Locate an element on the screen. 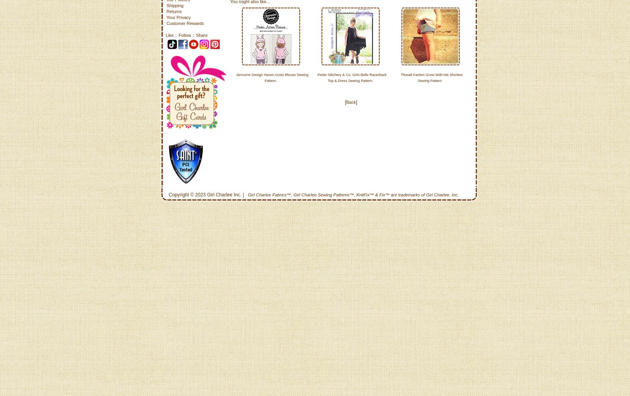 This screenshot has width=630, height=396. 'Jennuine Design Haven Acres Blouse Sewing Pattern' is located at coordinates (235, 77).